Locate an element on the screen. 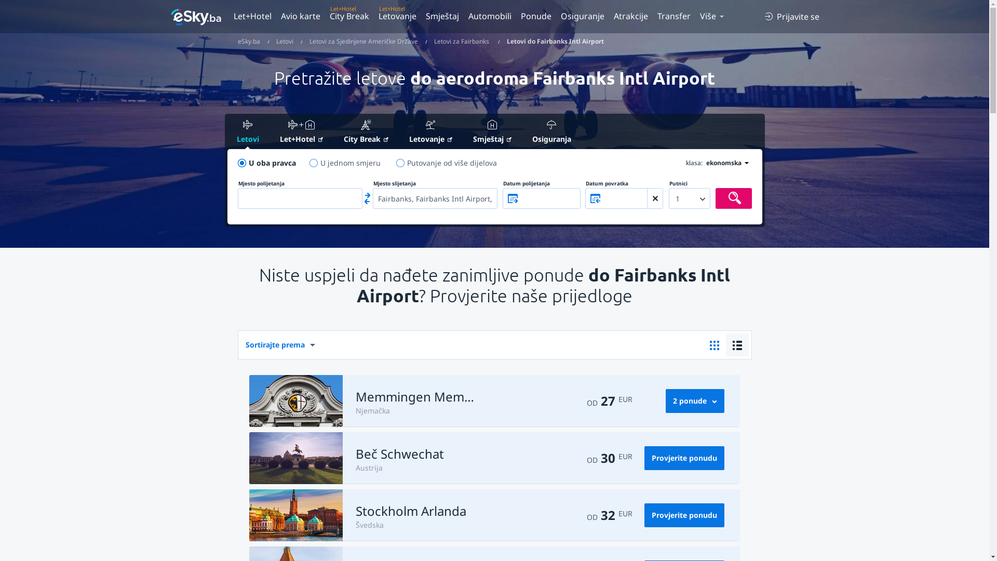 This screenshot has height=561, width=997. 'Sortirajte prema' is located at coordinates (237, 344).